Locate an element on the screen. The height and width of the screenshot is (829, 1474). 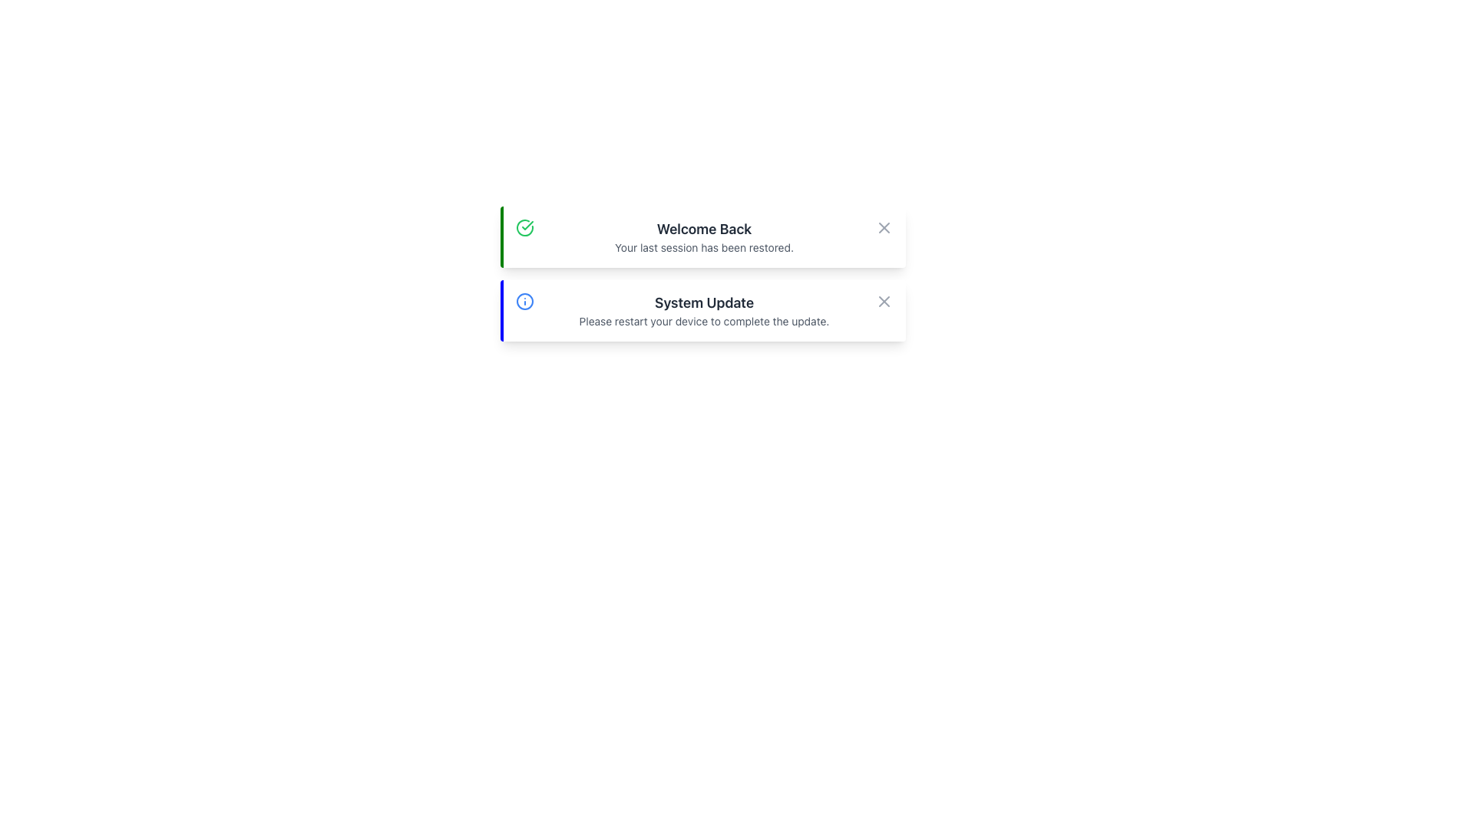
the checkmark icon within the green circular badge in the 'Welcome Back' notification, which indicates a completed action is located at coordinates (527, 225).